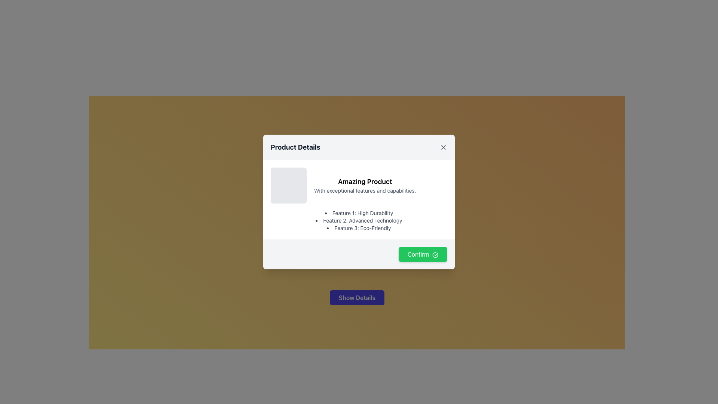 The image size is (718, 404). Describe the element at coordinates (295, 147) in the screenshot. I see `header text 'Product Details' located on the left side of the popup modal to understand the context` at that location.